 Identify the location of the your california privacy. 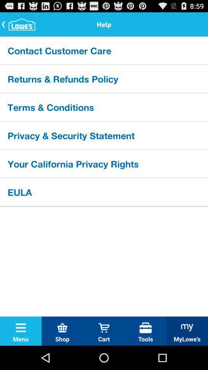
(104, 163).